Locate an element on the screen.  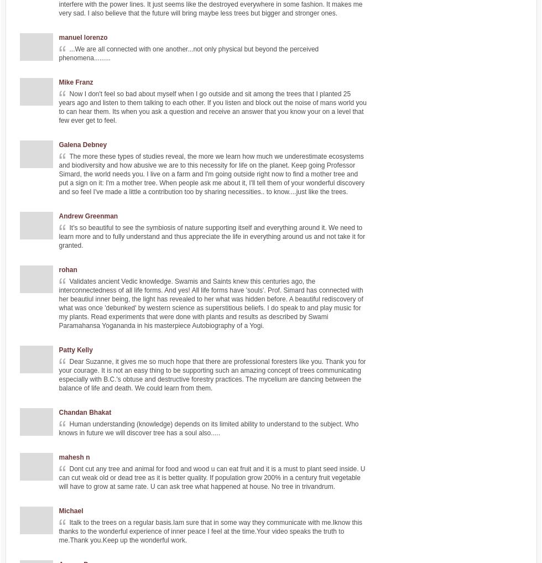
'Validates ancient Vedic knowledge. Swamis and Saints knew this centuries ago, the interconnectedness of all life forms. And yes! All life forms have 'souls'. Prof. Simard has connected with her beautiul inner being, the light has revealed to her what was hidden before. A beautiful rediscovery of what was once 'debunked' by western science as superstitious beliefs. I do speak to and play music for my plants. Read experiments that were done with plants and results as described by Swami Paramahansa Yogananda in his masterpiece Autobiography of a Yogi.' is located at coordinates (211, 303).